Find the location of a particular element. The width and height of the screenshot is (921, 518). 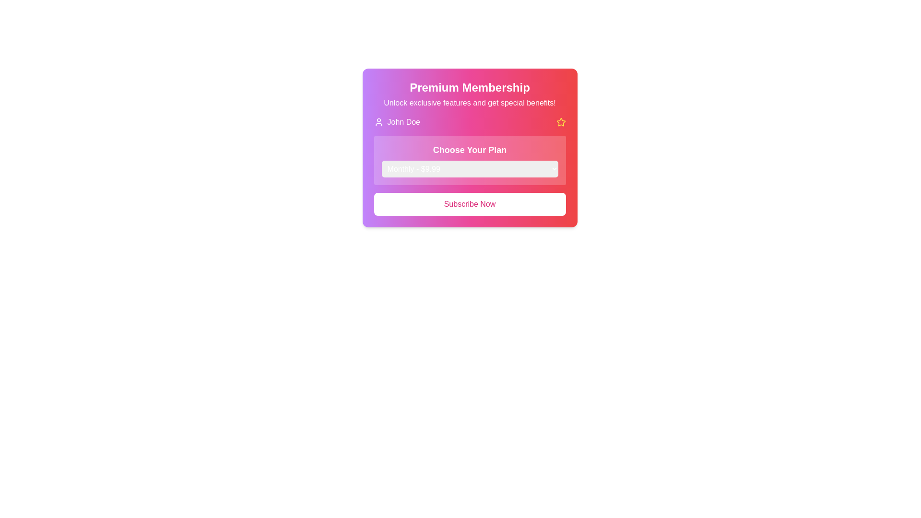

the 'Premium Membership' text block element which has a bold title and a subtitle, located above the user's name and other interactive components is located at coordinates (470, 94).